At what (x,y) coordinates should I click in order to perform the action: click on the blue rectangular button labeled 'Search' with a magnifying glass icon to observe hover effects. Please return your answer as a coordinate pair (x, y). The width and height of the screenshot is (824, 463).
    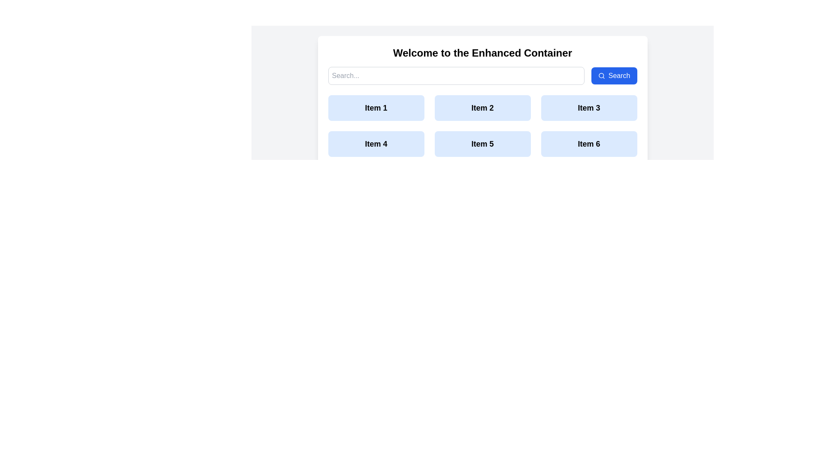
    Looking at the image, I should click on (614, 75).